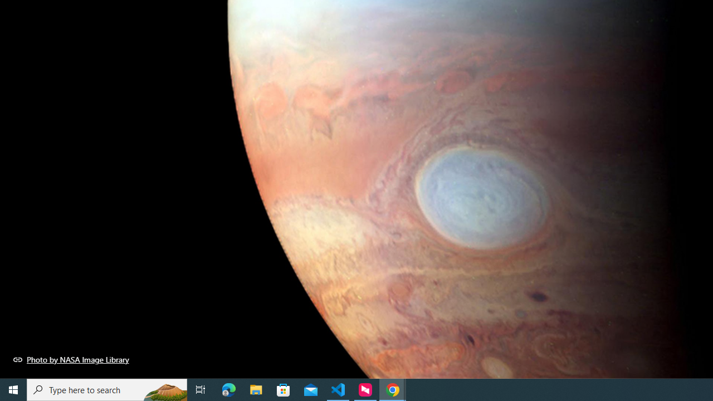 Image resolution: width=713 pixels, height=401 pixels. What do you see at coordinates (71, 359) in the screenshot?
I see `'Photo by NASA Image Library'` at bounding box center [71, 359].